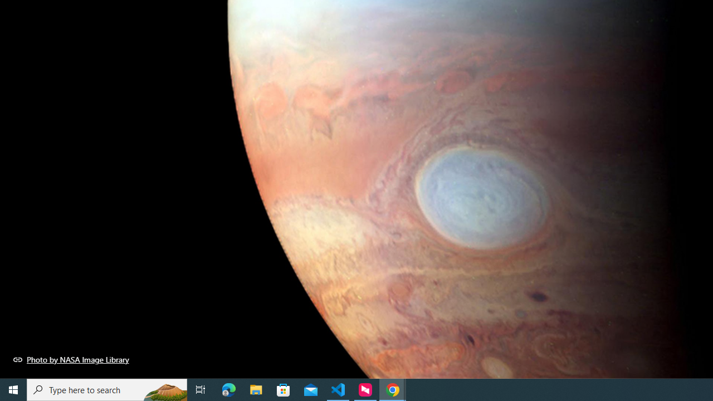 Image resolution: width=713 pixels, height=401 pixels. What do you see at coordinates (71, 359) in the screenshot?
I see `'Photo by NASA Image Library'` at bounding box center [71, 359].